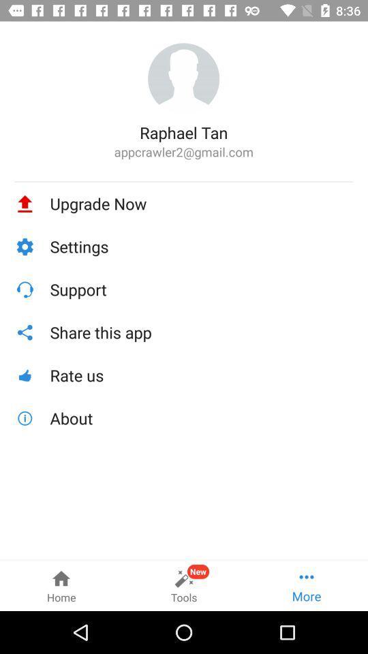  I want to click on icon above about item, so click(201, 375).